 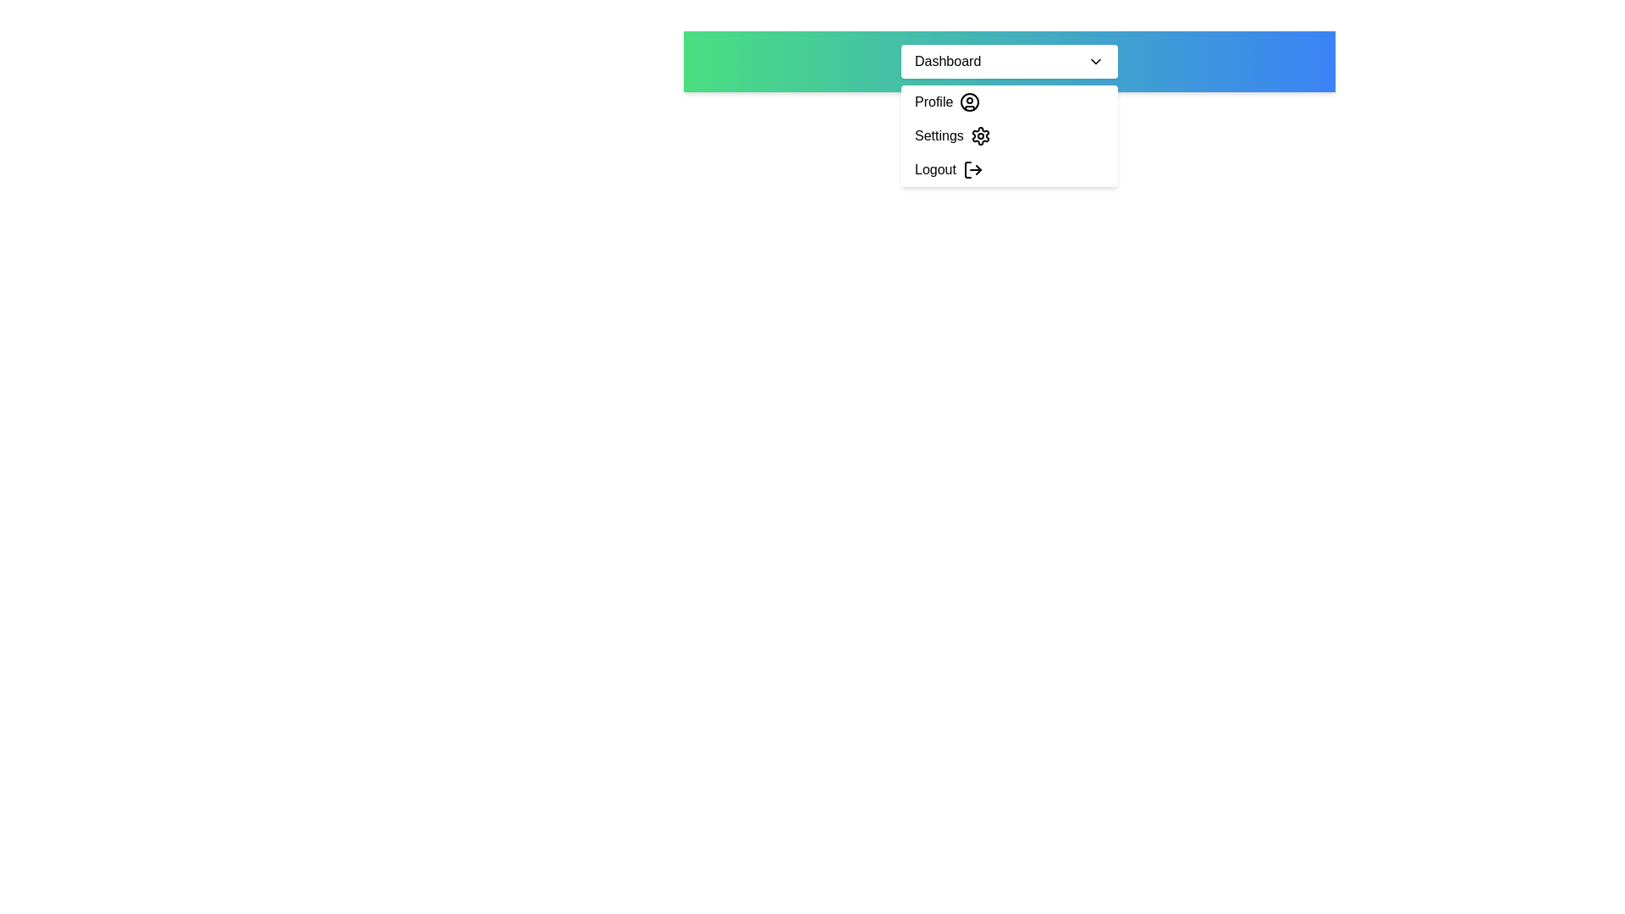 What do you see at coordinates (1010, 169) in the screenshot?
I see `the 'Logout' option in the dropdown menu` at bounding box center [1010, 169].